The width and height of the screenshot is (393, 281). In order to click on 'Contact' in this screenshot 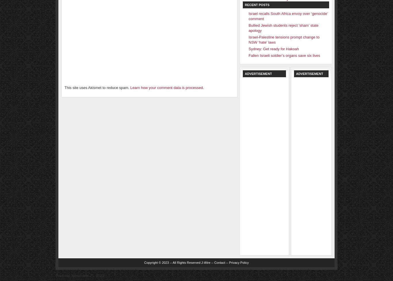, I will do `click(220, 262)`.